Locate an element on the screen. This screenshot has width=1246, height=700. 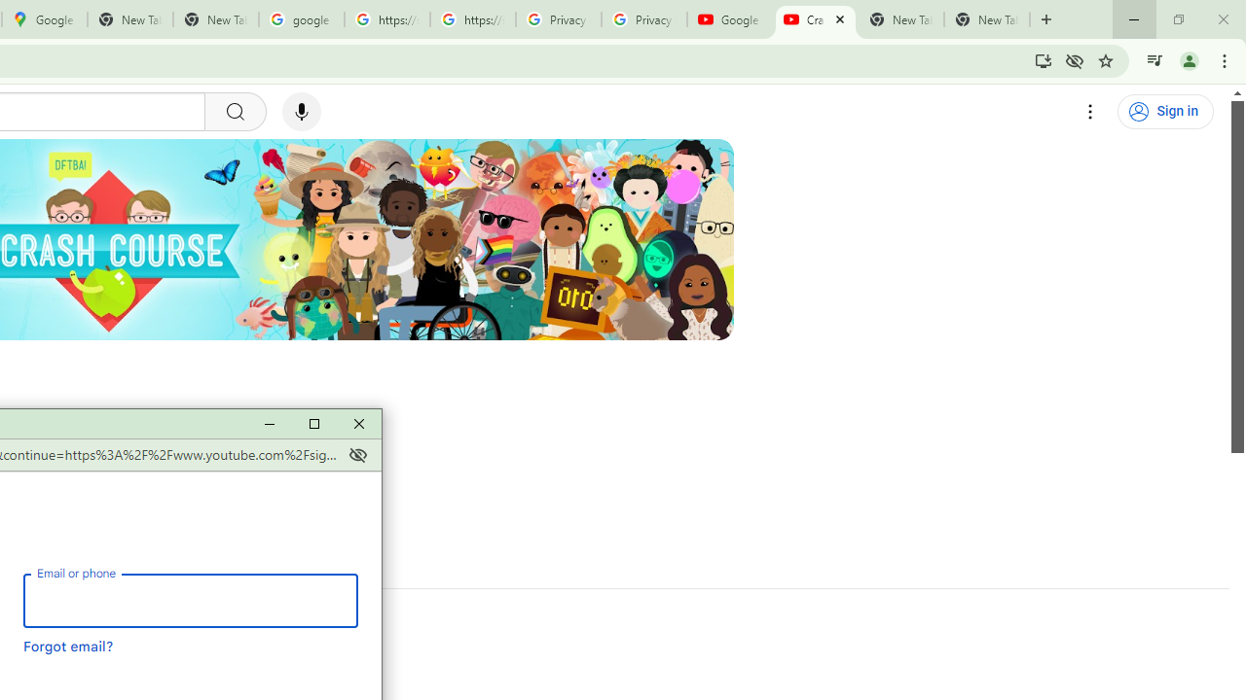
'Maximize' is located at coordinates (313, 423).